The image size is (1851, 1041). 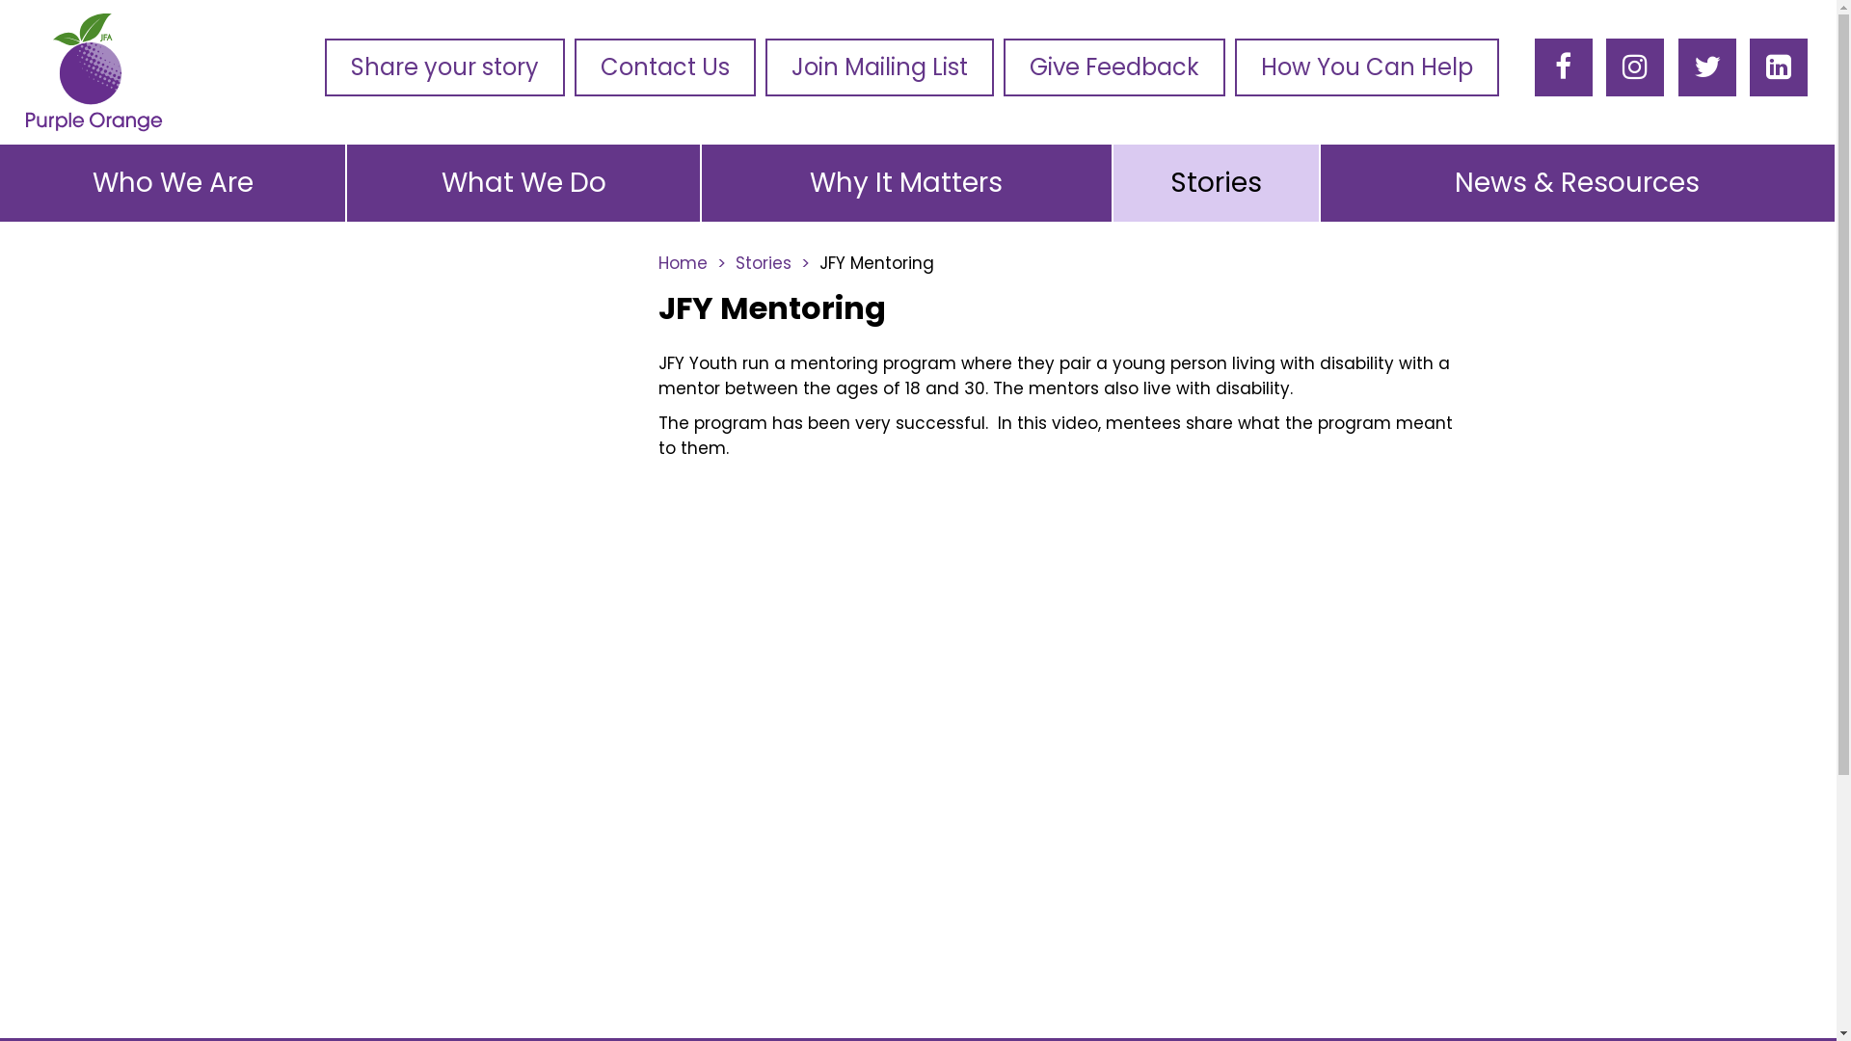 I want to click on 'Twitter', so click(x=1707, y=66).